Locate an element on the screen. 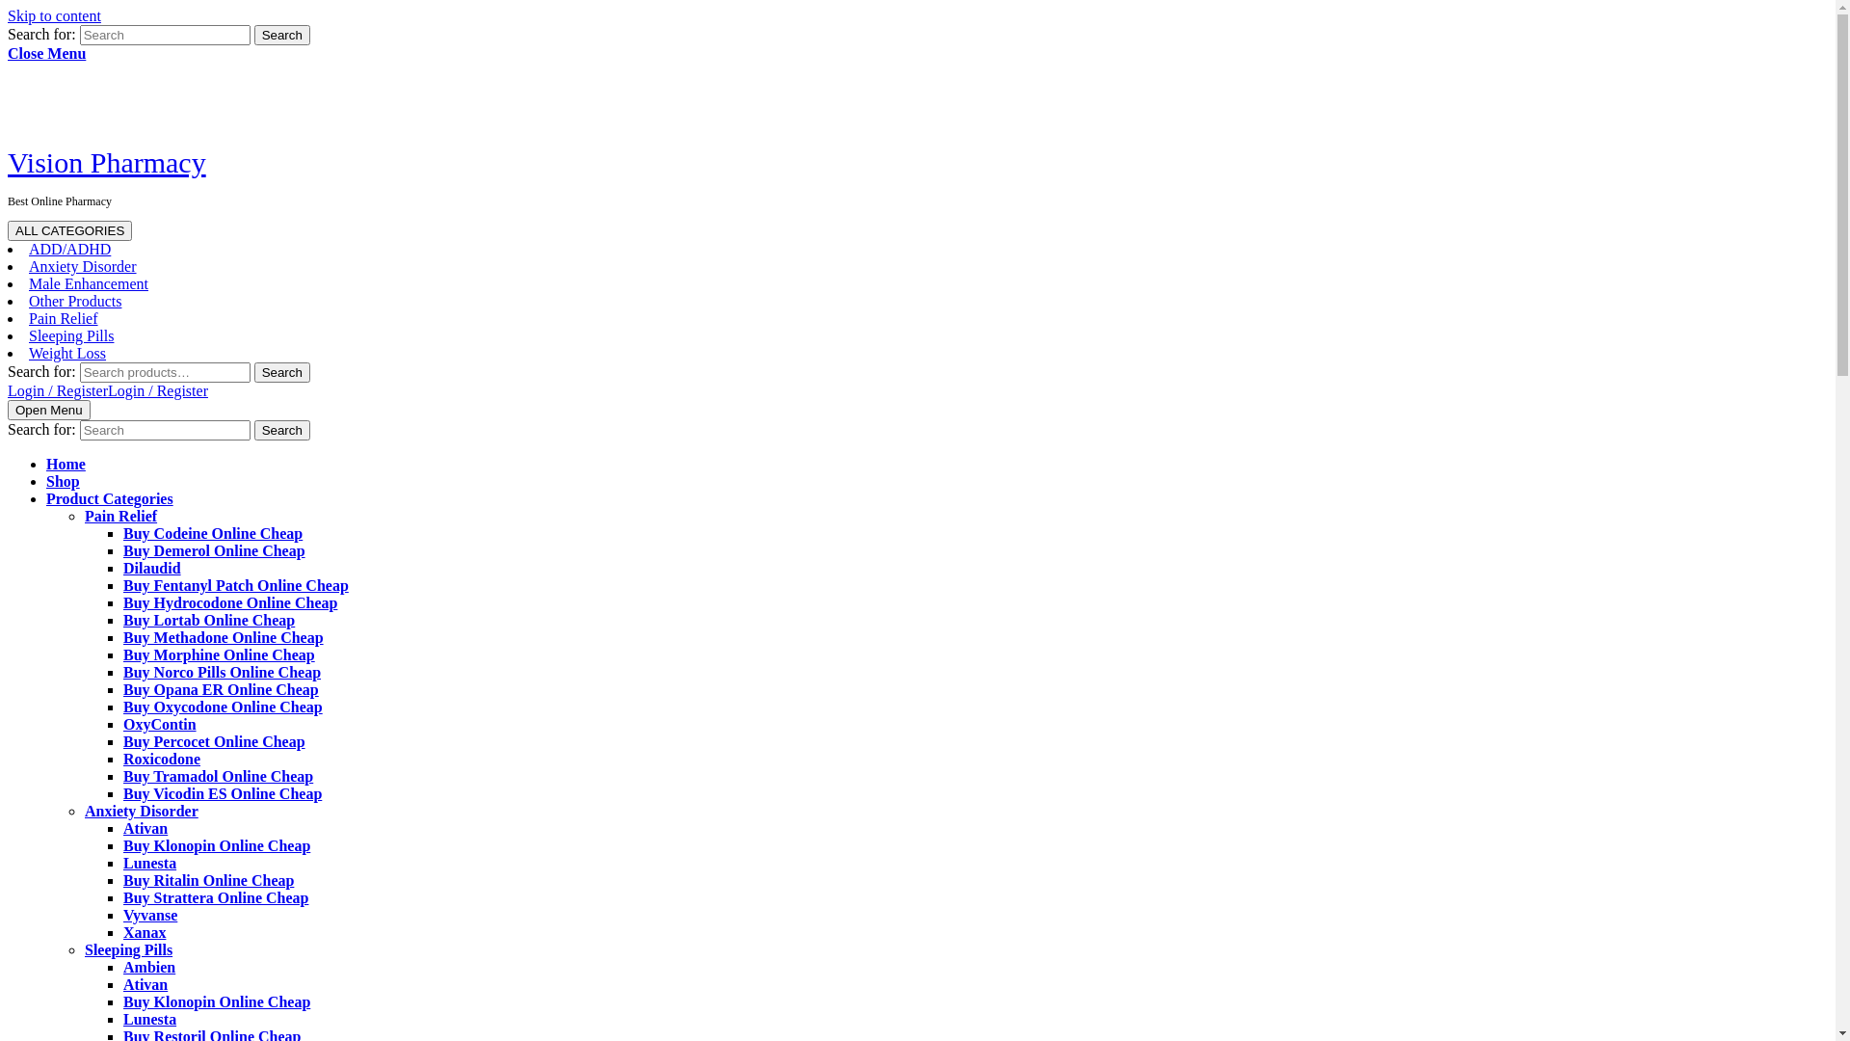  'Buy Methadone Online Cheap' is located at coordinates (223, 637).